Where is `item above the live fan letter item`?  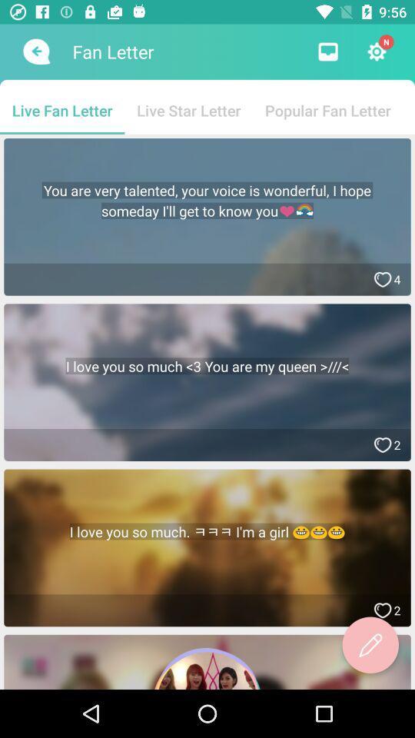 item above the live fan letter item is located at coordinates (35, 52).